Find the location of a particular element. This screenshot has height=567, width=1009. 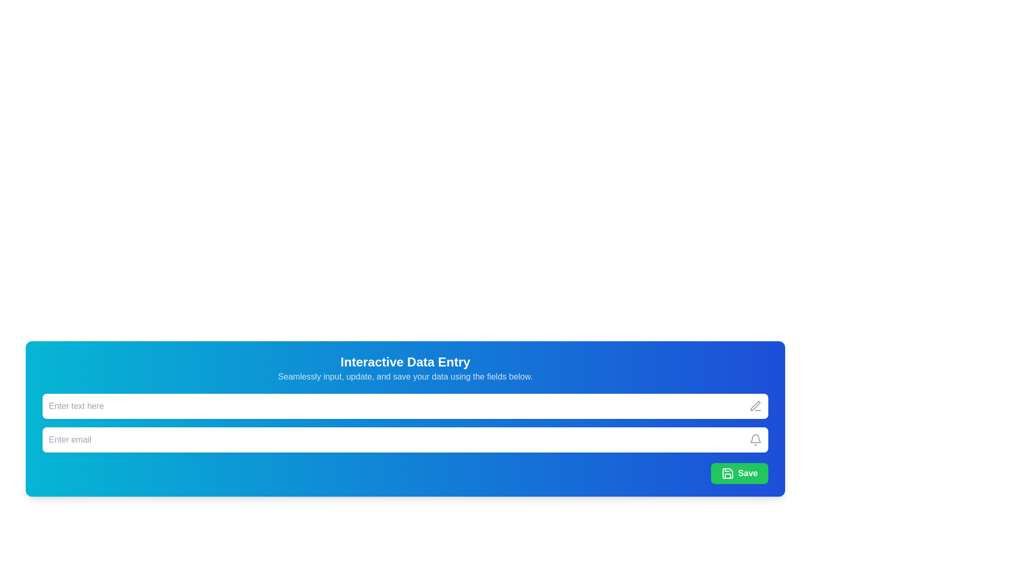

the text header displaying 'Interactive Data Entry', which is styled with a bold, large white font on a cyan to blue gradient background is located at coordinates (405, 362).